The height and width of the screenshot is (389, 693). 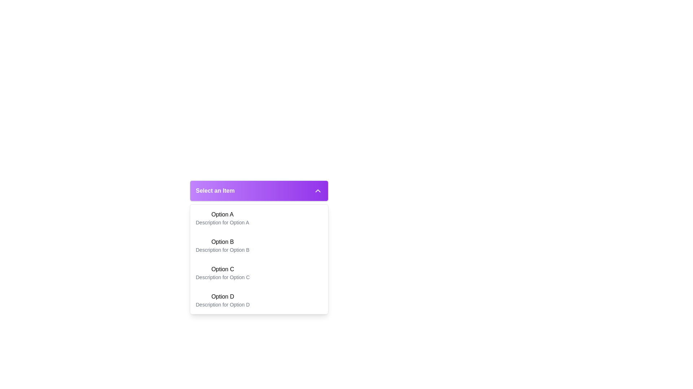 I want to click on text of the title for the first selectable option in the dropdown menu, which is located immediately above the description text 'Description for Option A.', so click(x=222, y=214).